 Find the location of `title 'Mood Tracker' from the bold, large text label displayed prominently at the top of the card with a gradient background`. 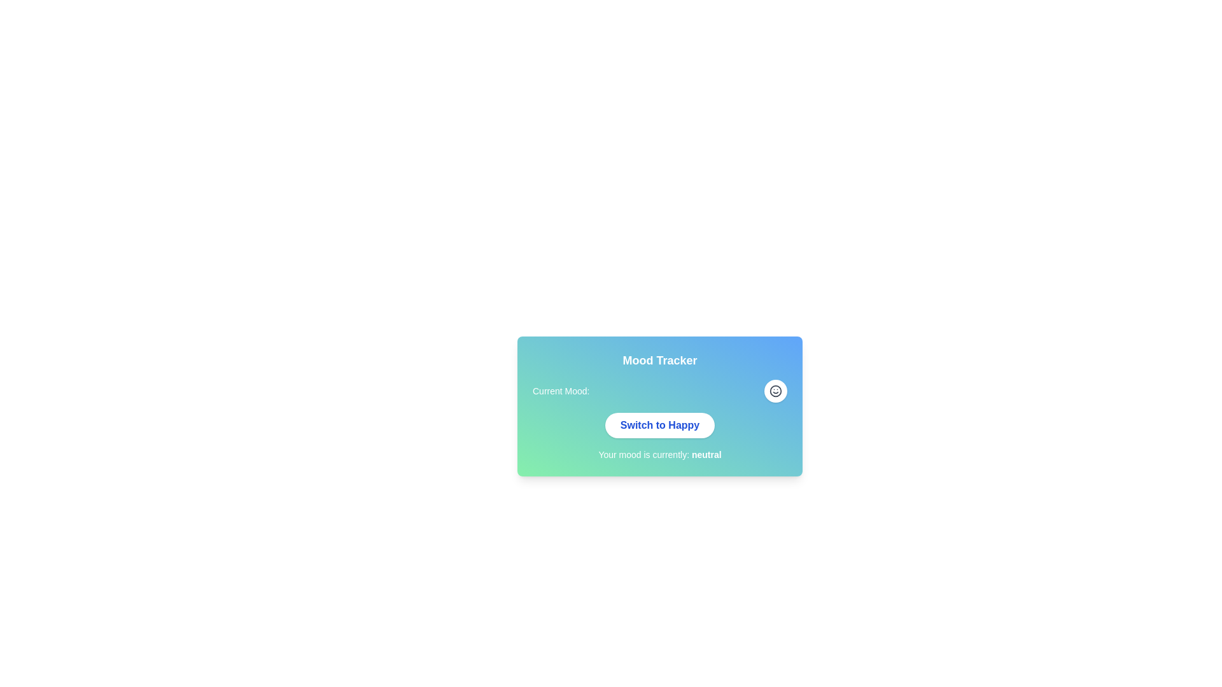

title 'Mood Tracker' from the bold, large text label displayed prominently at the top of the card with a gradient background is located at coordinates (659, 361).